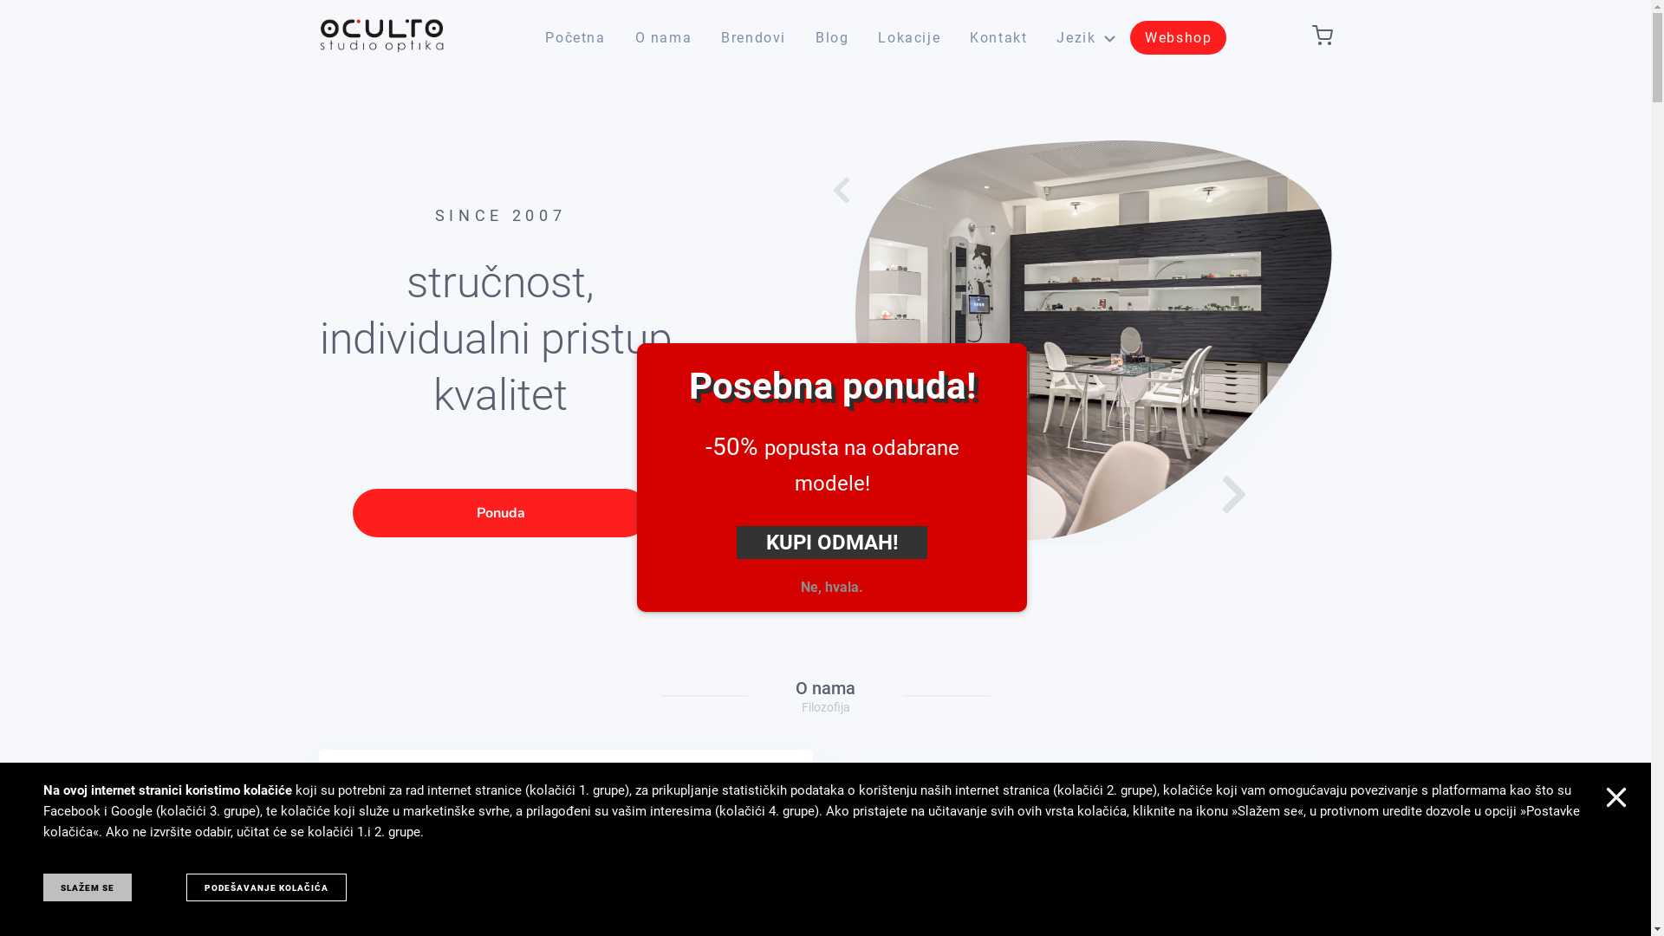 The height and width of the screenshot is (936, 1664). I want to click on 'Ponuda', so click(498, 511).